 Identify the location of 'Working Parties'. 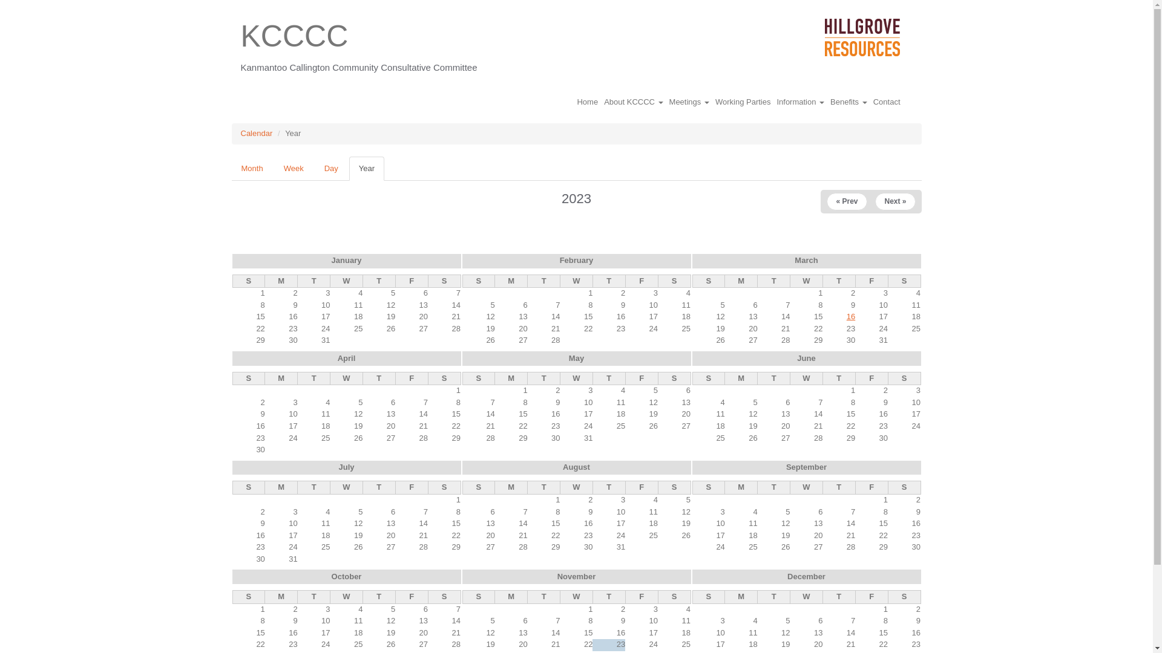
(743, 102).